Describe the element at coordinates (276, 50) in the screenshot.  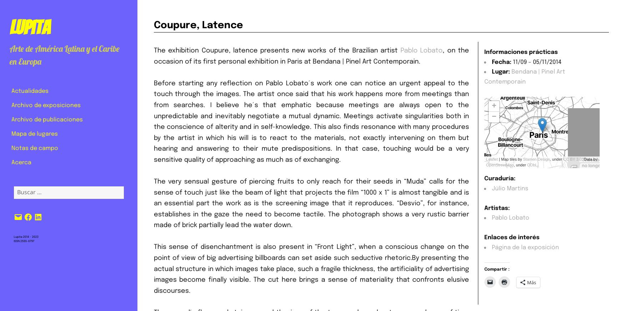
I see `'The exhibition Coupure, latence presents new works of the Brazilian artist'` at that location.